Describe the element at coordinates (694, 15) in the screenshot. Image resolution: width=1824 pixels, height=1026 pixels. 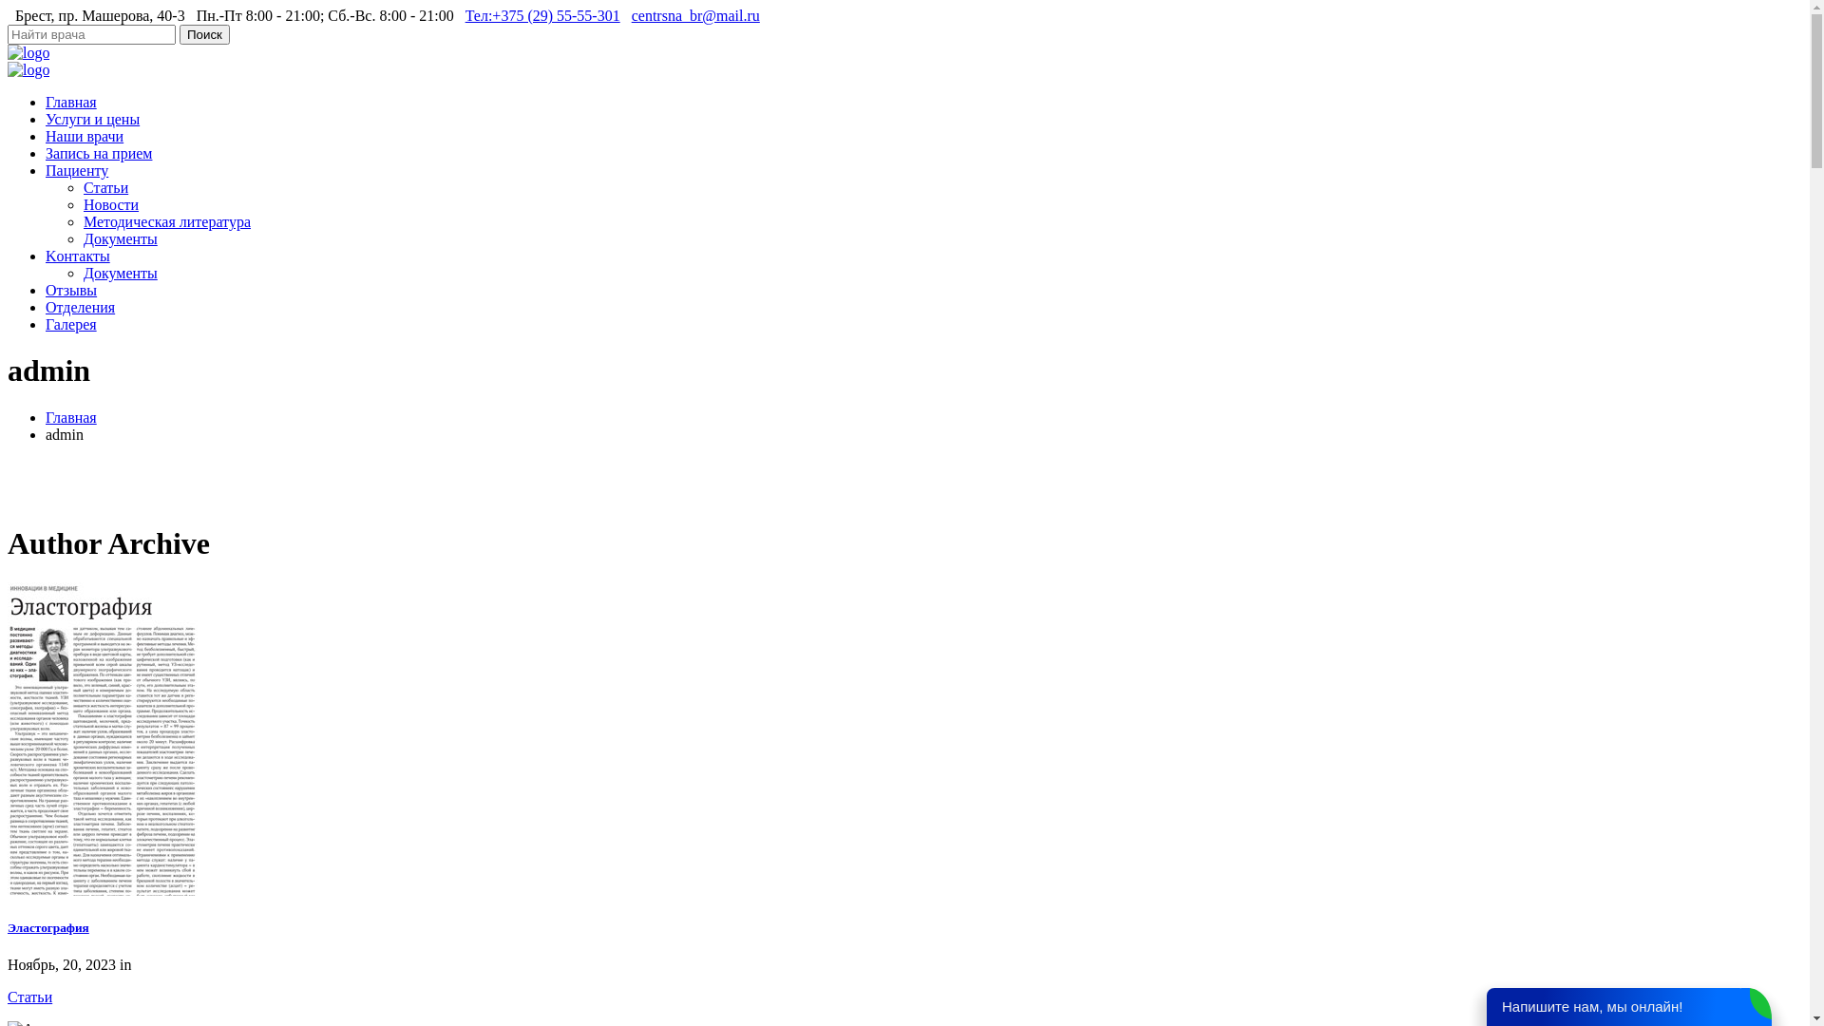
I see `'centrsna_br@mail.ru'` at that location.